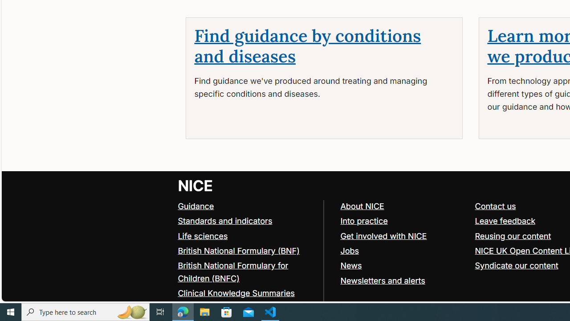 The height and width of the screenshot is (321, 570). What do you see at coordinates (308, 46) in the screenshot?
I see `'Find guidance by conditions and diseases'` at bounding box center [308, 46].